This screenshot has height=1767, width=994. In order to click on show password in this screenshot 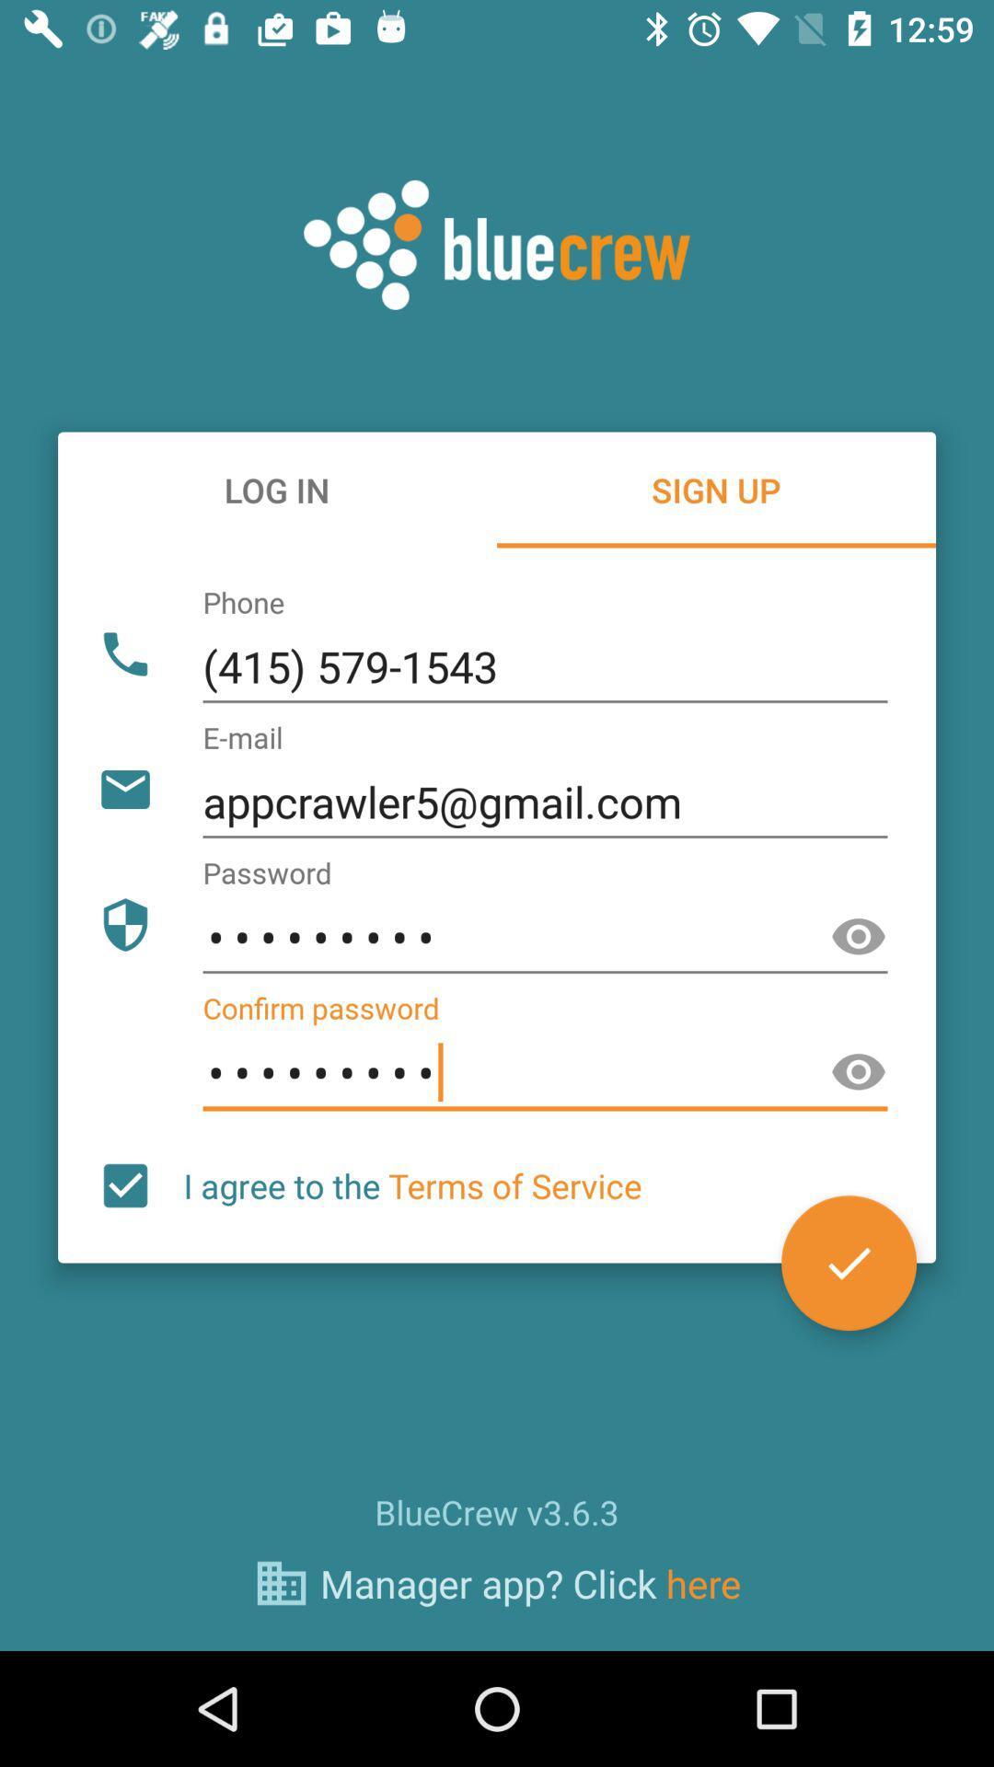, I will do `click(859, 1072)`.